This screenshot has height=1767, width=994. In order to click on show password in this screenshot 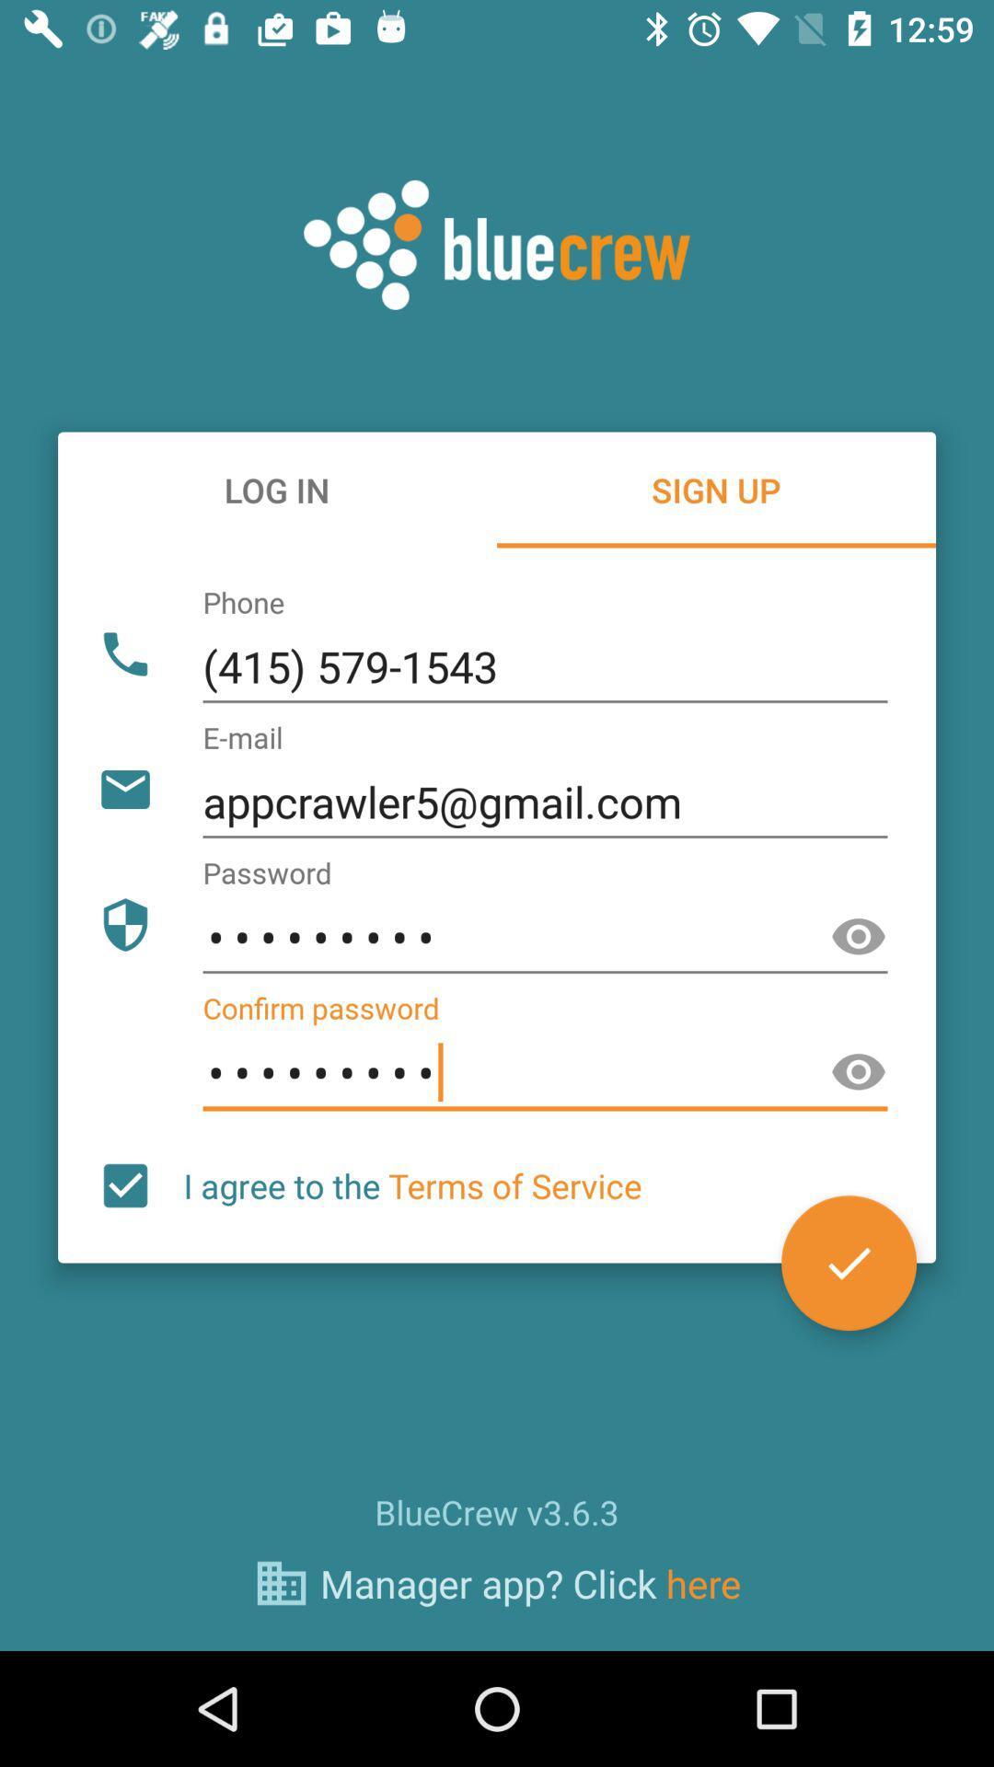, I will do `click(859, 1072)`.